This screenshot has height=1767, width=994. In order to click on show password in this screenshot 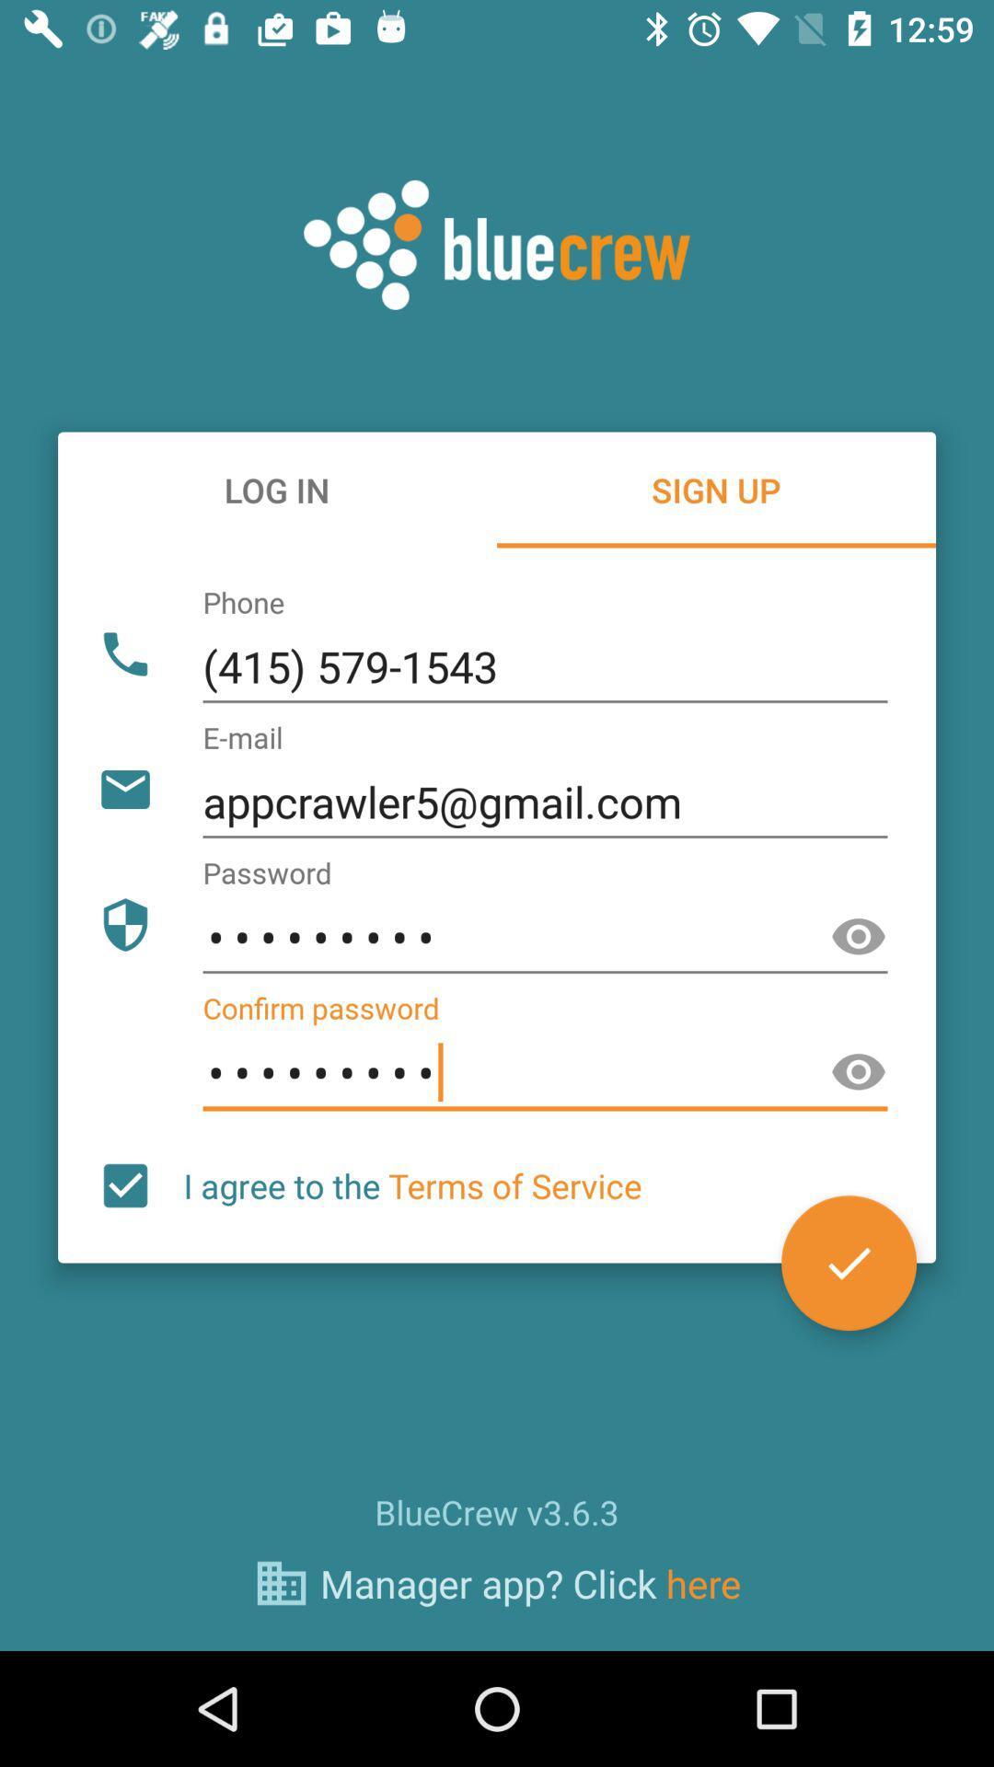, I will do `click(859, 1072)`.